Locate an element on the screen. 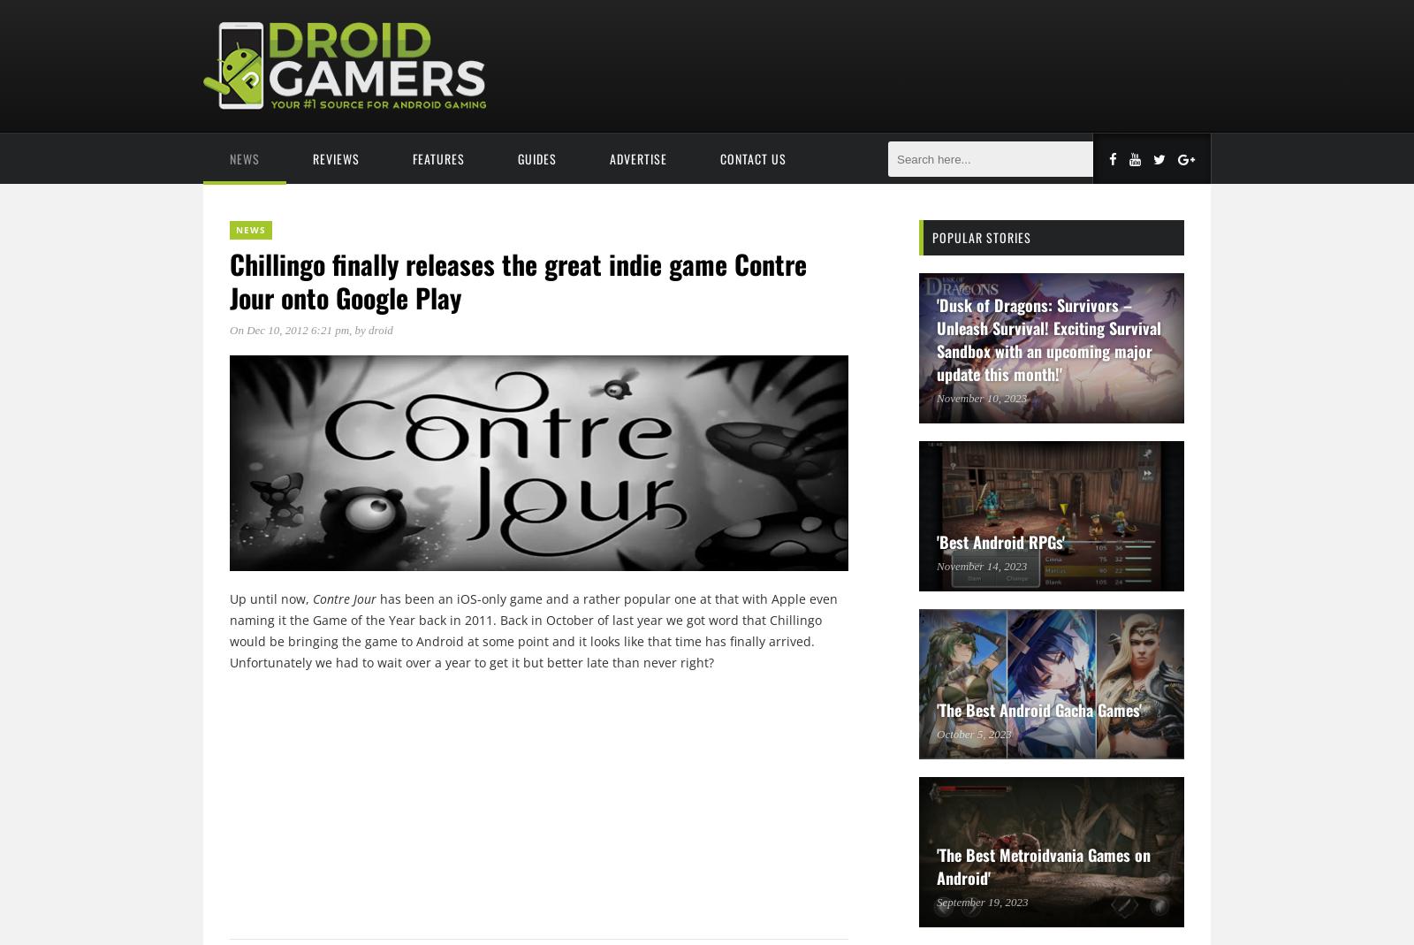 Image resolution: width=1414 pixels, height=945 pixels. ''Dusk of Dragons: Survivors – Unleash Survival! Exciting Survival Sandbox with an upcoming major update this month!'' is located at coordinates (1049, 339).